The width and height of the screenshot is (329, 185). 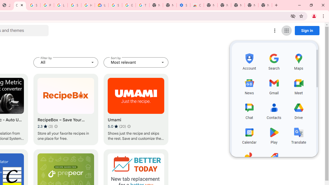 I want to click on 'Learn more about results and reviews "Umami"', so click(x=129, y=126).